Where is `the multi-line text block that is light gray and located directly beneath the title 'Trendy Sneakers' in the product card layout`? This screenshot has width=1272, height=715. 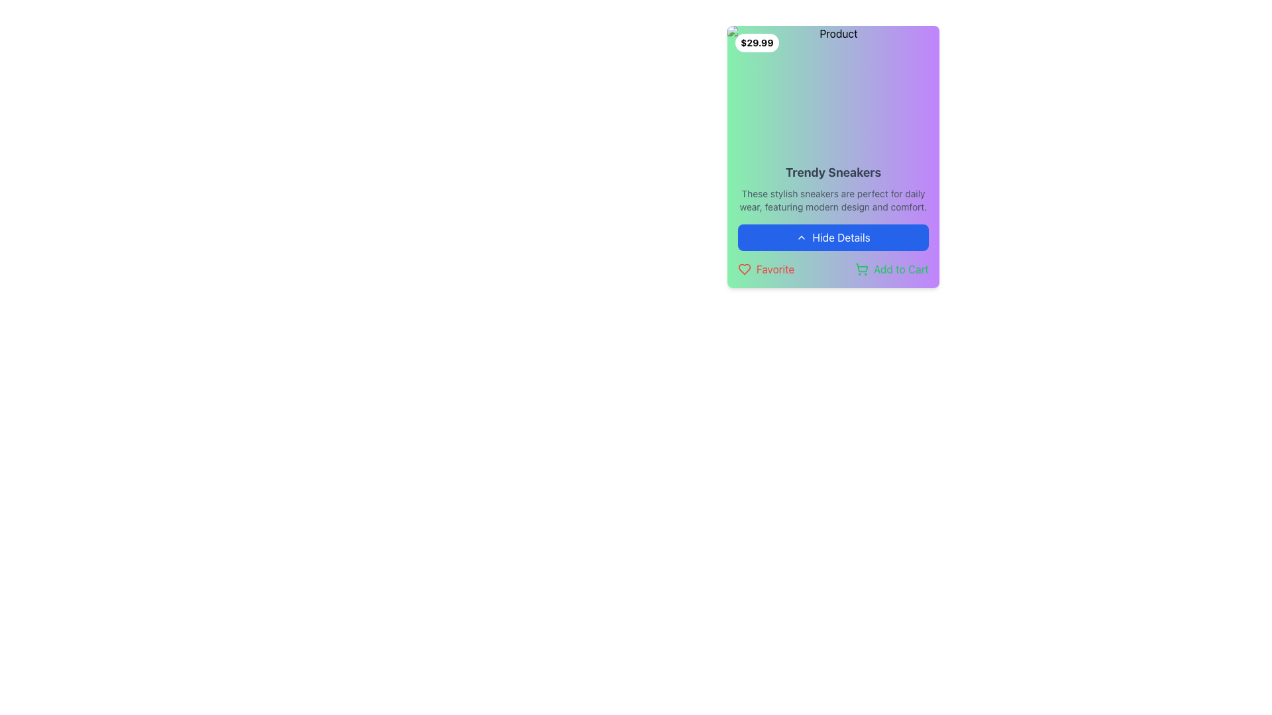
the multi-line text block that is light gray and located directly beneath the title 'Trendy Sneakers' in the product card layout is located at coordinates (832, 201).